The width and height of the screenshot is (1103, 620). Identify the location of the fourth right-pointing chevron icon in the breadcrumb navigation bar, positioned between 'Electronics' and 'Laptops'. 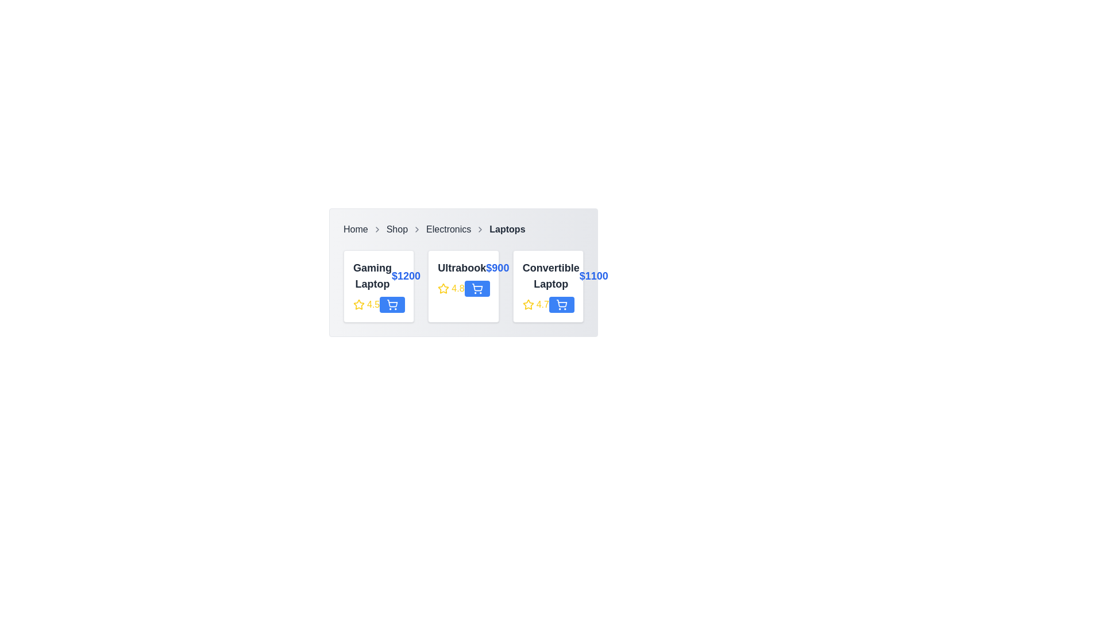
(480, 230).